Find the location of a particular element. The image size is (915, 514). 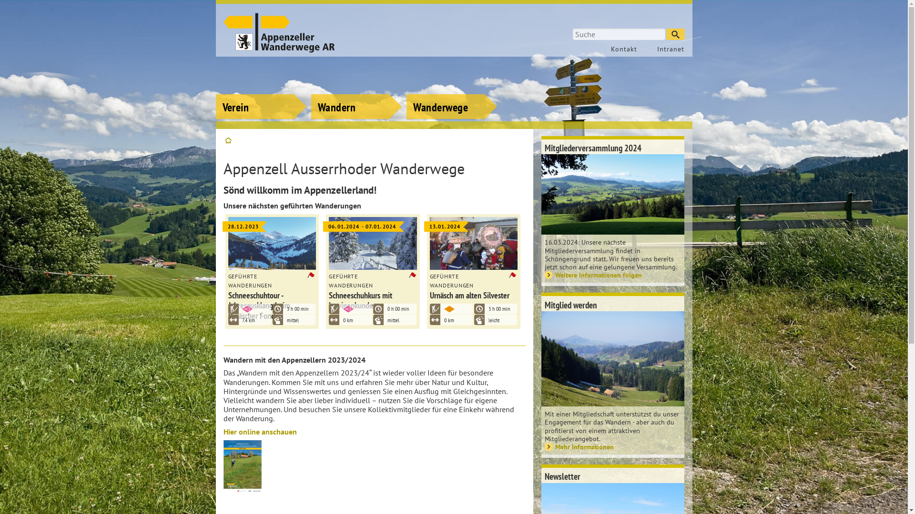

'Hier online anschauen' is located at coordinates (260, 431).